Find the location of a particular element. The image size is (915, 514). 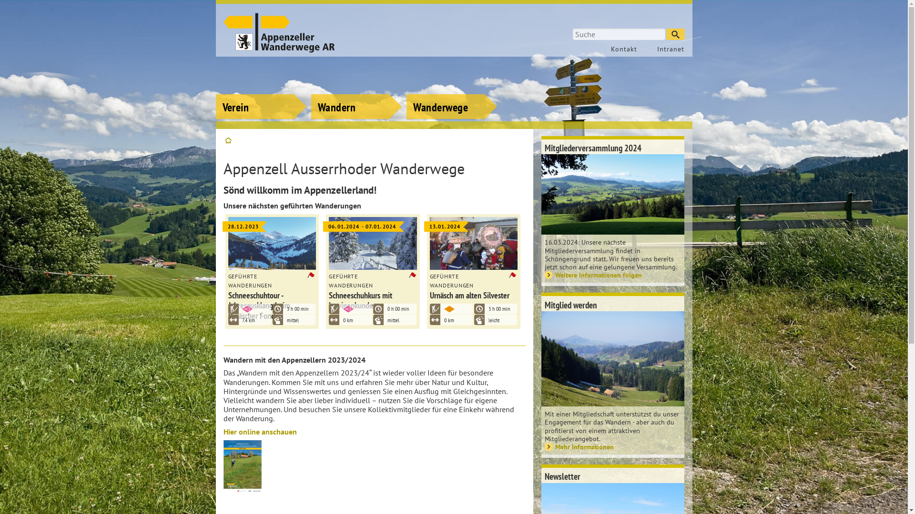

'Hier online anschauen' is located at coordinates (260, 431).